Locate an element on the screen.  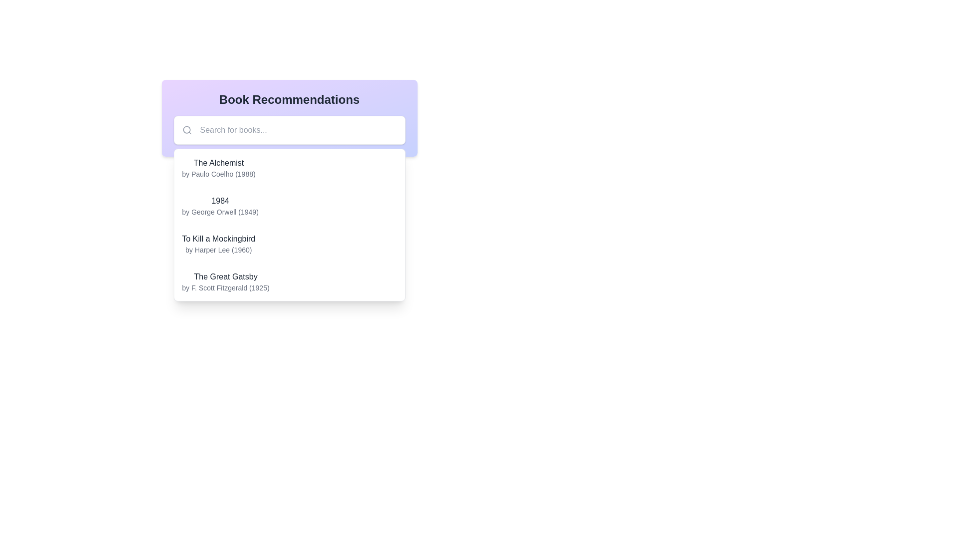
the text label displaying the title '1984' in bold dark-gray font for reading is located at coordinates (220, 201).